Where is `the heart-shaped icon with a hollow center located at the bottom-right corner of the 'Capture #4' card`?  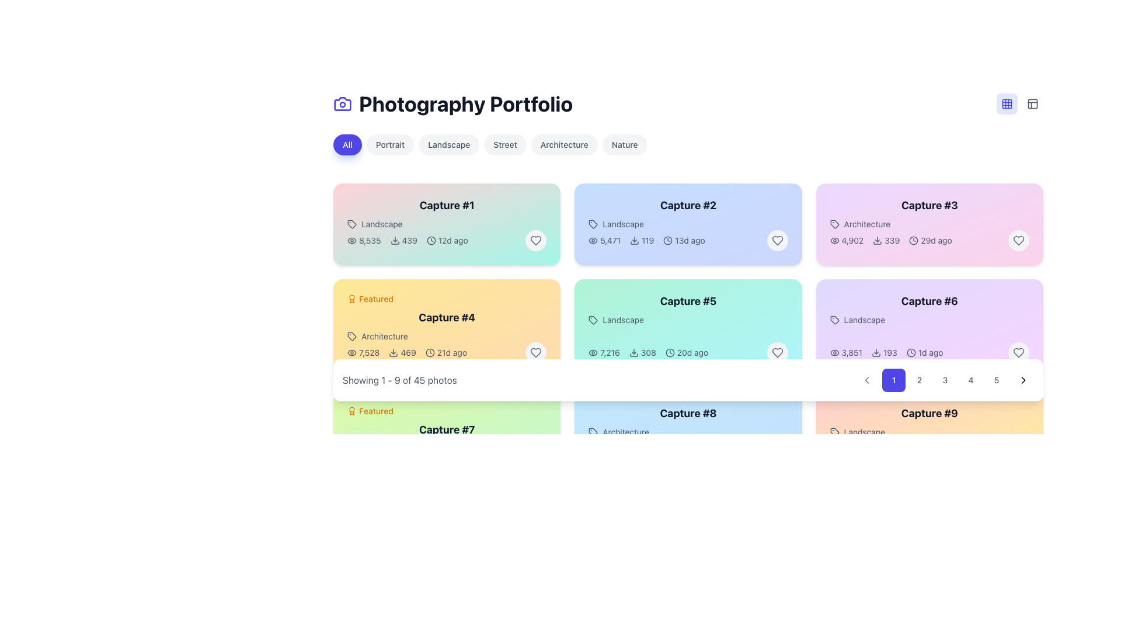
the heart-shaped icon with a hollow center located at the bottom-right corner of the 'Capture #4' card is located at coordinates (535, 352).